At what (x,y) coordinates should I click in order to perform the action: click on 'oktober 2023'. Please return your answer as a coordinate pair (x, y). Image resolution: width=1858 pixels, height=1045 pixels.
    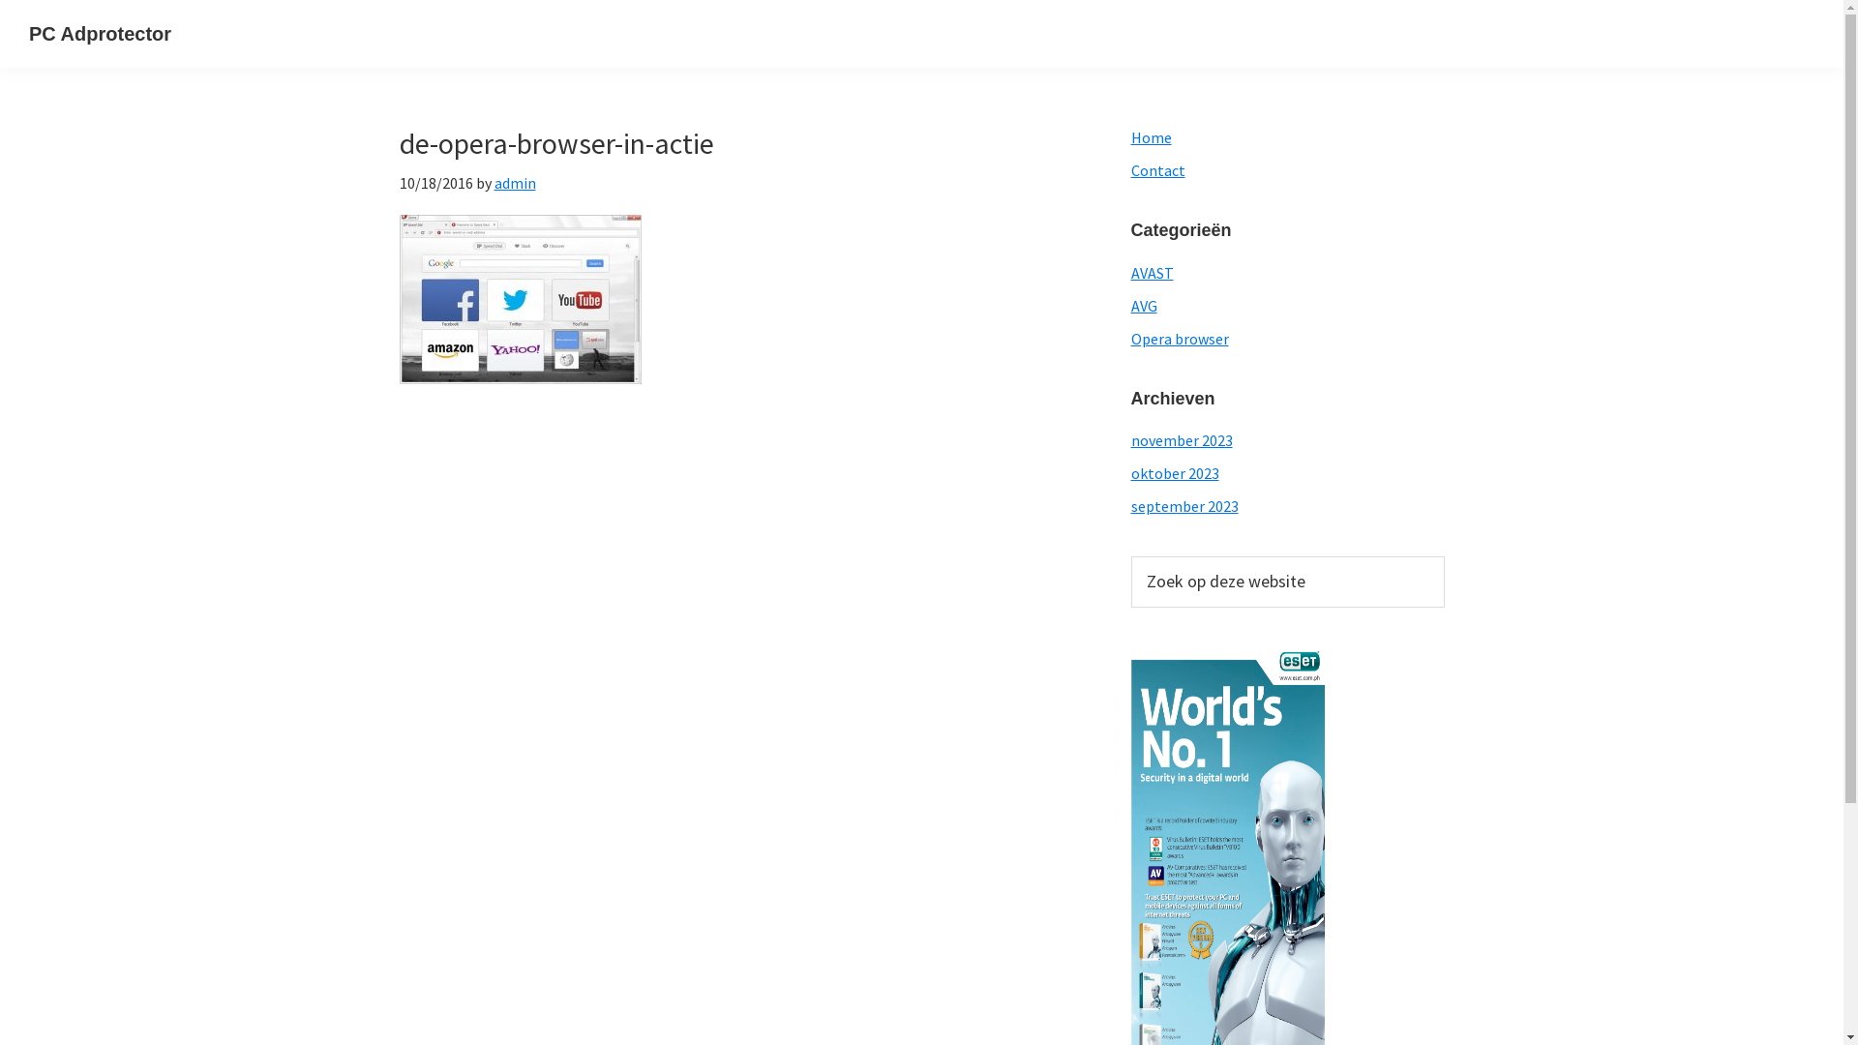
    Looking at the image, I should click on (1173, 473).